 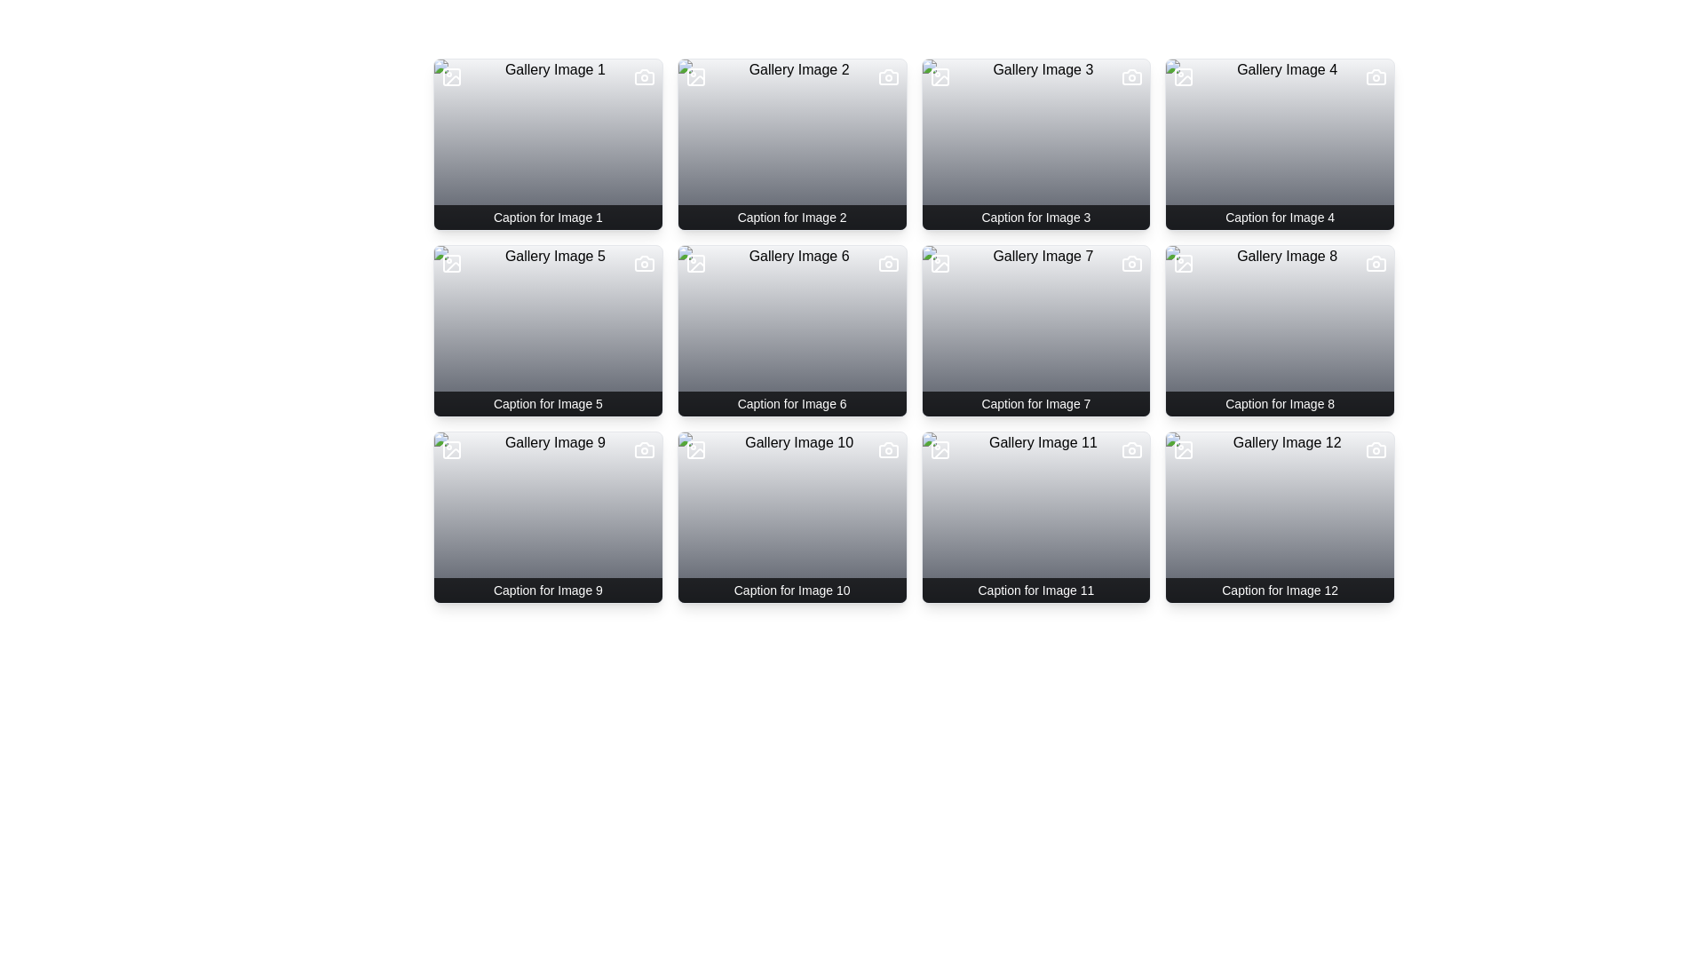 I want to click on the text label displaying 'Caption for Image 11', which is a rectangular black box with a semi-transparent background located at the bottom of the eleventh image in the gallery grid, so click(x=1035, y=590).